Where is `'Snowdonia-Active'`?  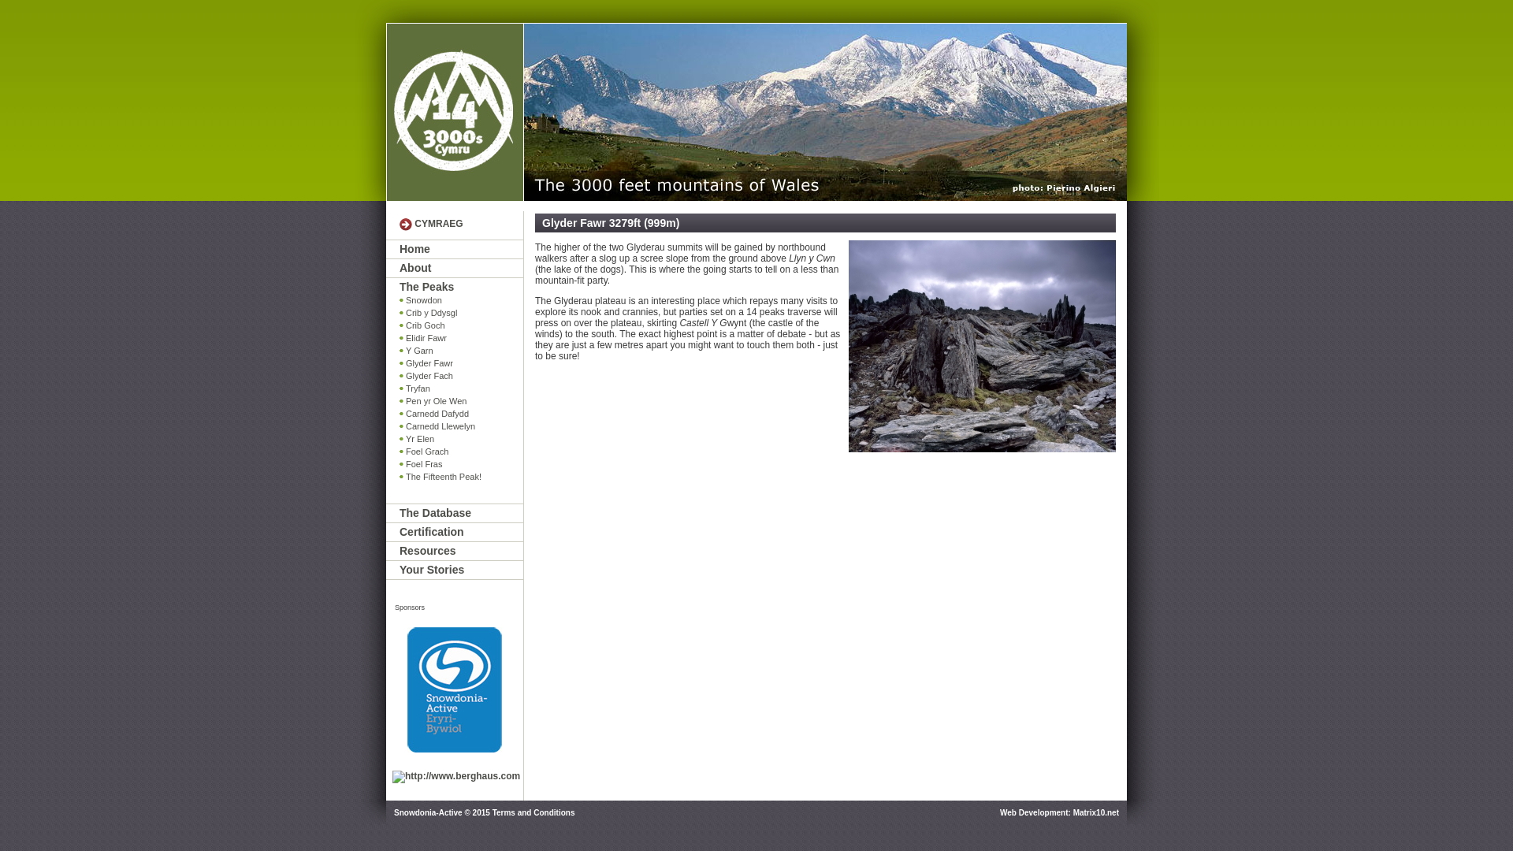 'Snowdonia-Active' is located at coordinates (453, 689).